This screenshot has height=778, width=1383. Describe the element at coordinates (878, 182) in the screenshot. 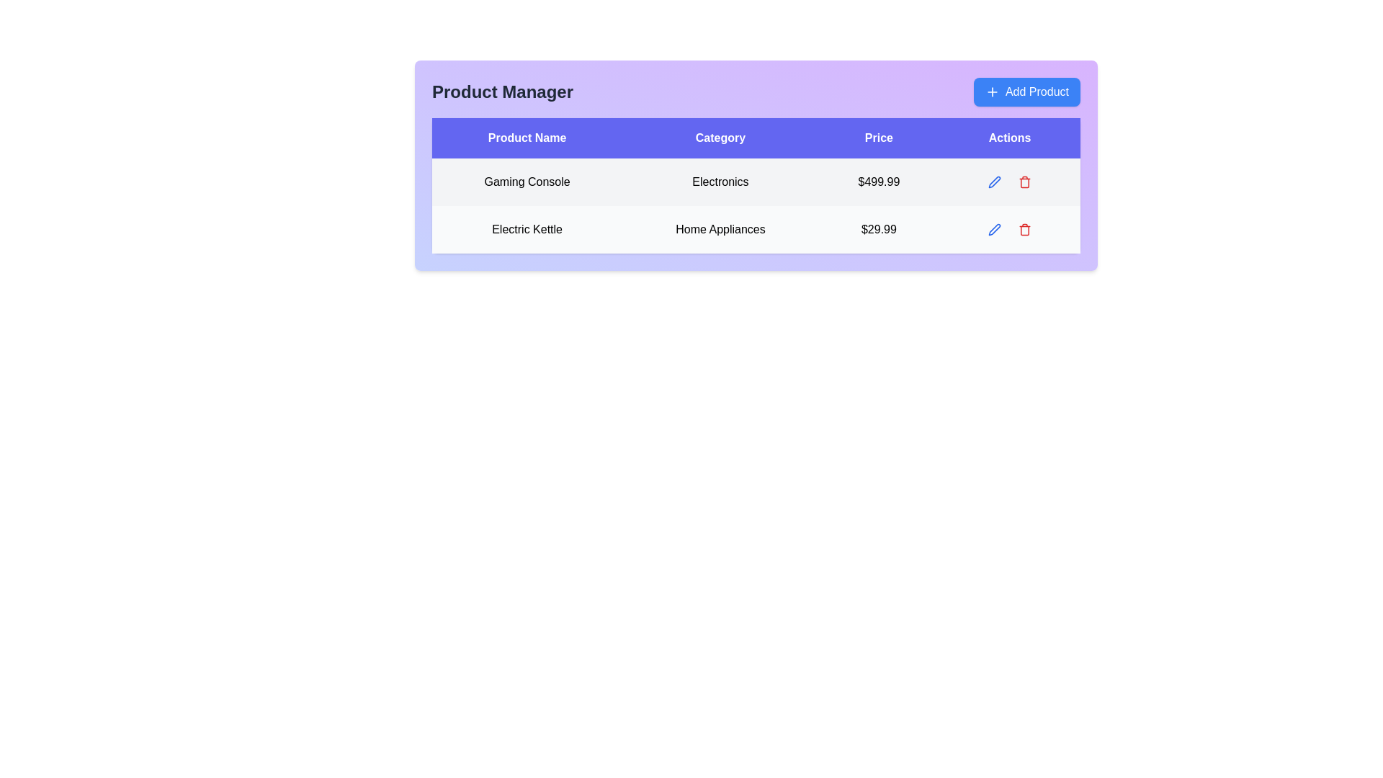

I see `the price label displaying '$499.99' in bold black font, located in the third column of the first row under the 'Price' header` at that location.